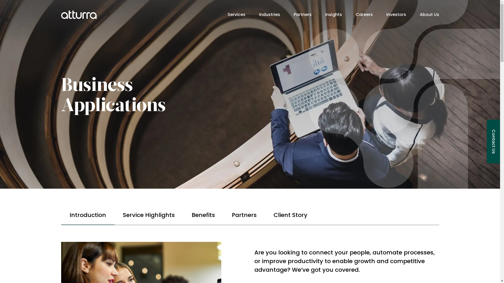  Describe the element at coordinates (148, 215) in the screenshot. I see `'Service Highlights'` at that location.